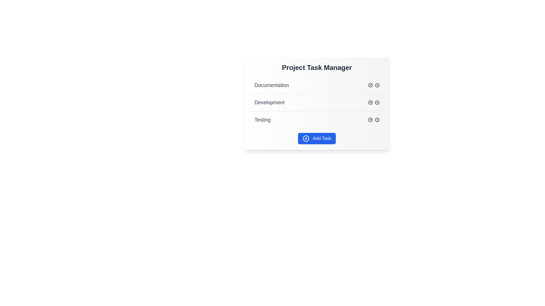 The height and width of the screenshot is (306, 545). Describe the element at coordinates (316, 120) in the screenshot. I see `task name 'Testing' and its status 'Pending' from the task row in the task manager interface` at that location.